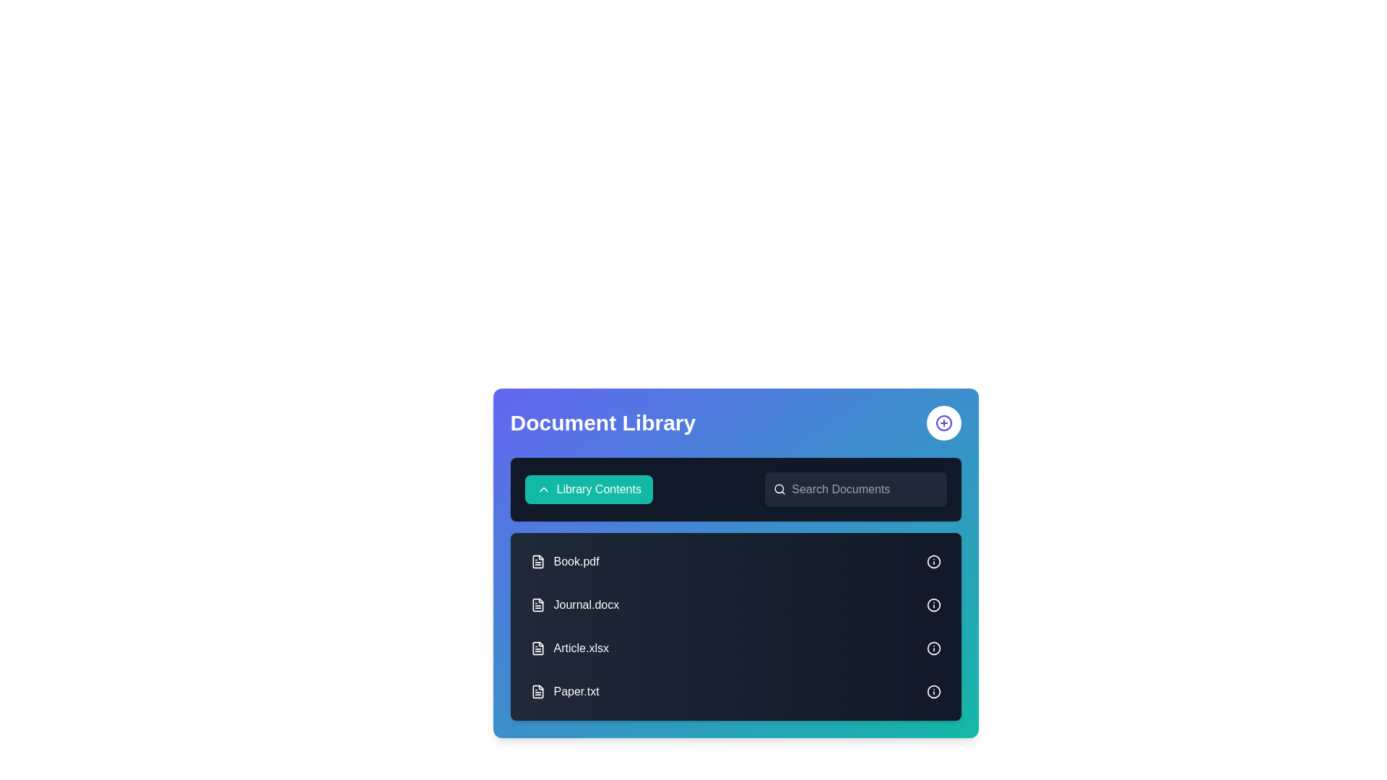  Describe the element at coordinates (543, 489) in the screenshot. I see `the icon located to the left of the 'Library Contents' button` at that location.